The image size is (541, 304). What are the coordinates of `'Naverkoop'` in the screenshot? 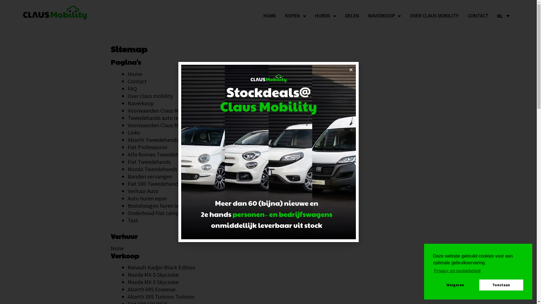 It's located at (141, 103).